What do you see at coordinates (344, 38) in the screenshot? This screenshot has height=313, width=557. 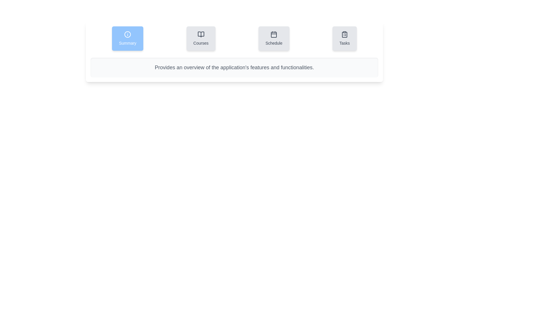 I see `the Tasks tab by clicking on it` at bounding box center [344, 38].